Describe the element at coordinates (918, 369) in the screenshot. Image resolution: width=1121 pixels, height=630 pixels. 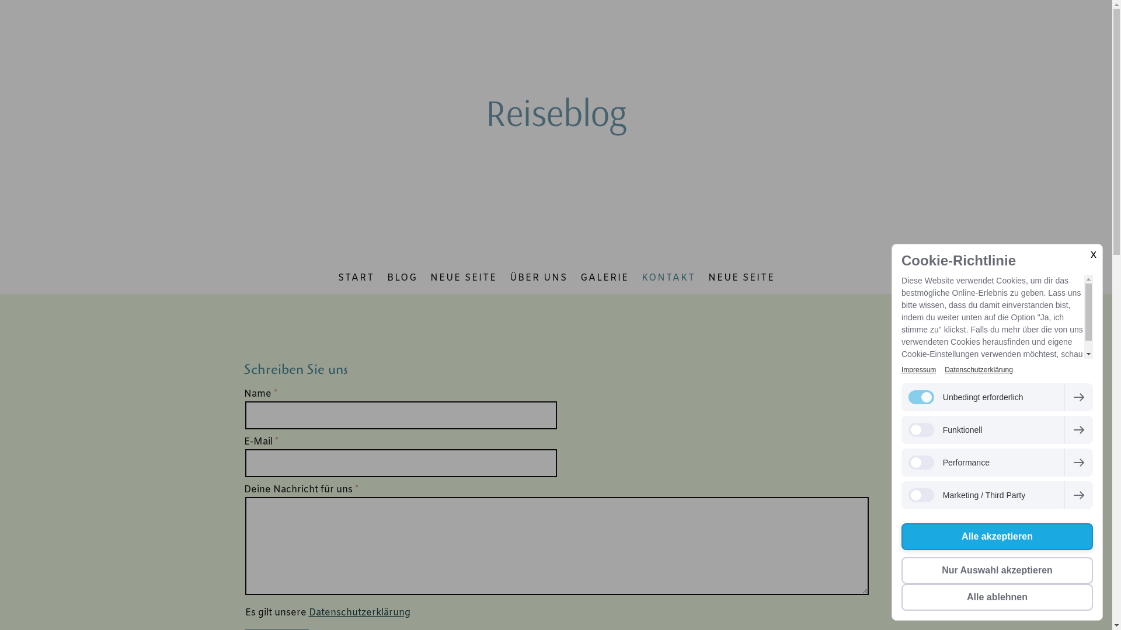
I see `'Impressum'` at that location.